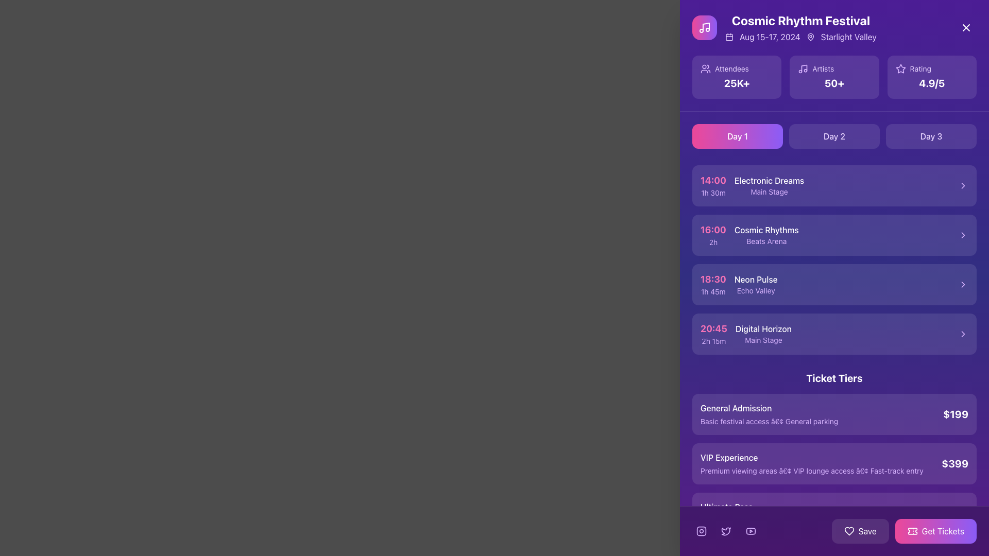 This screenshot has width=989, height=556. I want to click on the chevron button located to the far-right of the 'Digital Horizon' event listing, adjacent to the text 'Main Stage', so click(963, 334).